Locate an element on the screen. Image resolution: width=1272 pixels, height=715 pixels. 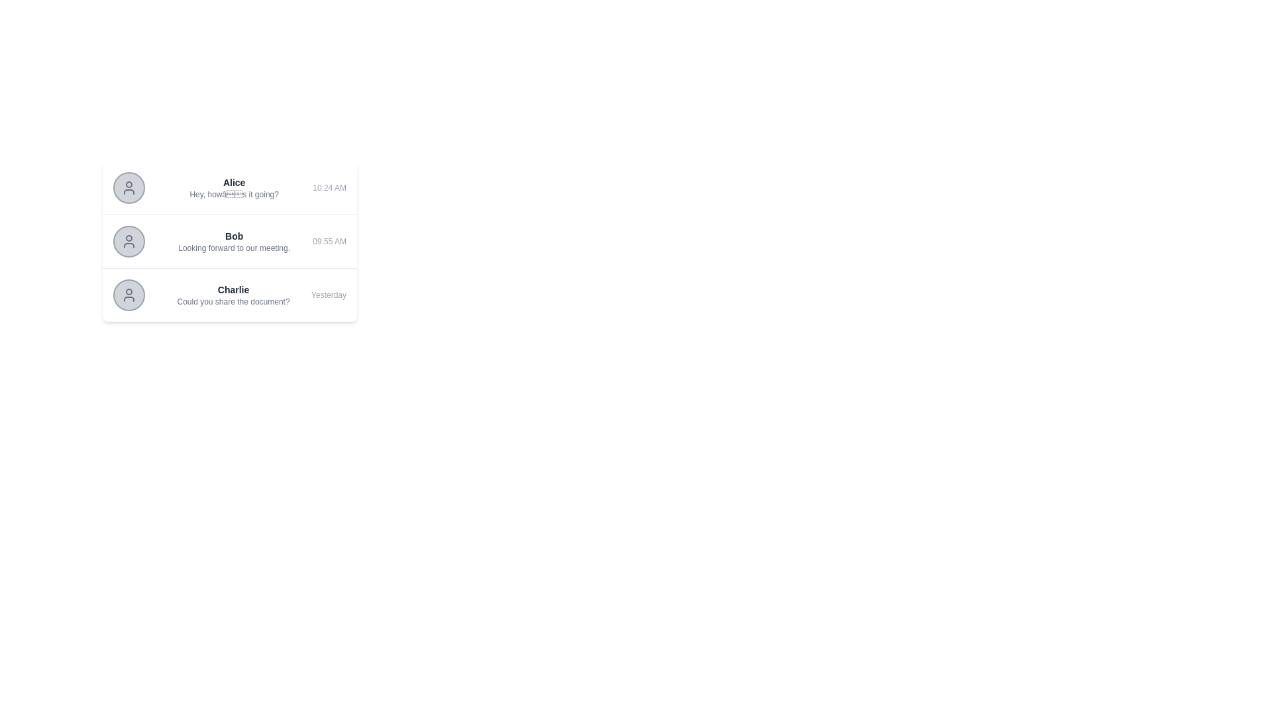
the text label representing the user name 'Bob' in the messaging interface, which is located at the center of the second row of user messages, above the supporting description and below the message 'Alice' is located at coordinates (234, 236).